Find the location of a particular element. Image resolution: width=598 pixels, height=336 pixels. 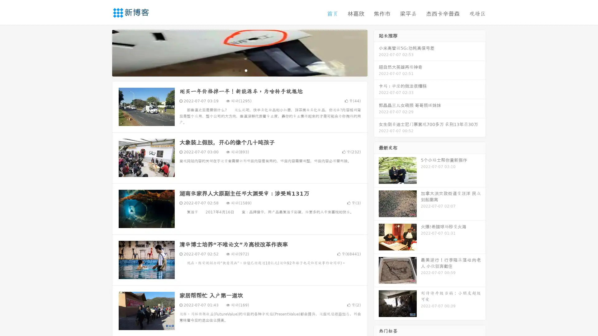

Next slide is located at coordinates (376, 52).